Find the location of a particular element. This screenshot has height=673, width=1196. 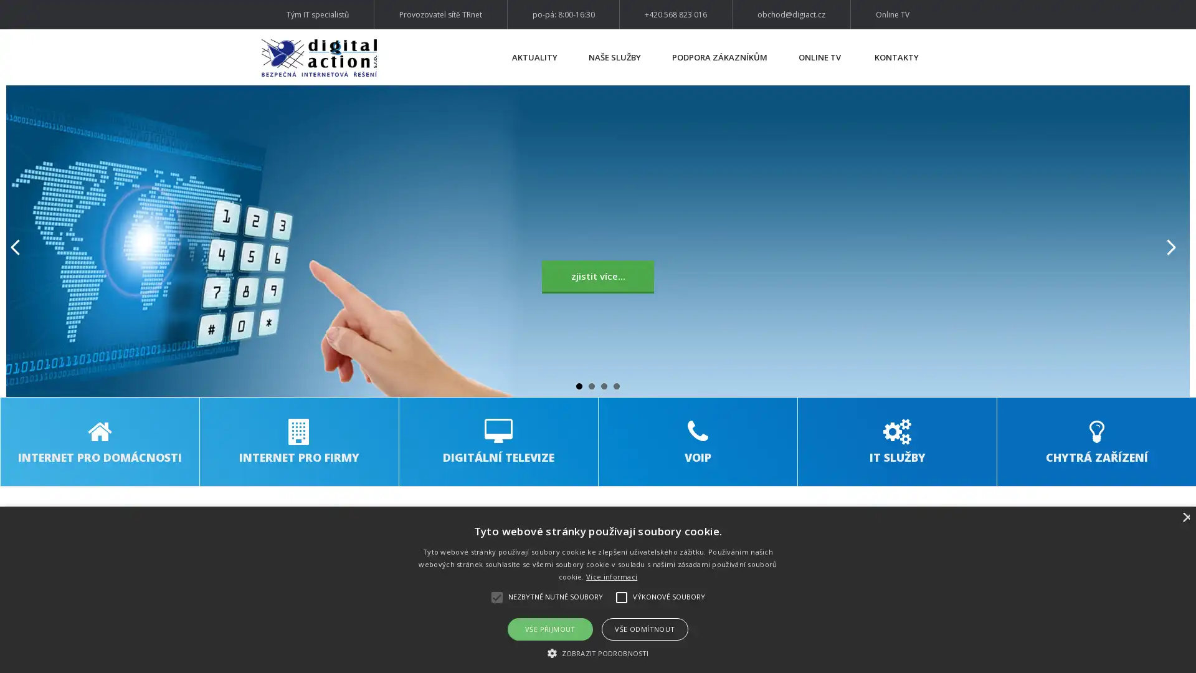

VSE PRIJMOUT is located at coordinates (549, 629).